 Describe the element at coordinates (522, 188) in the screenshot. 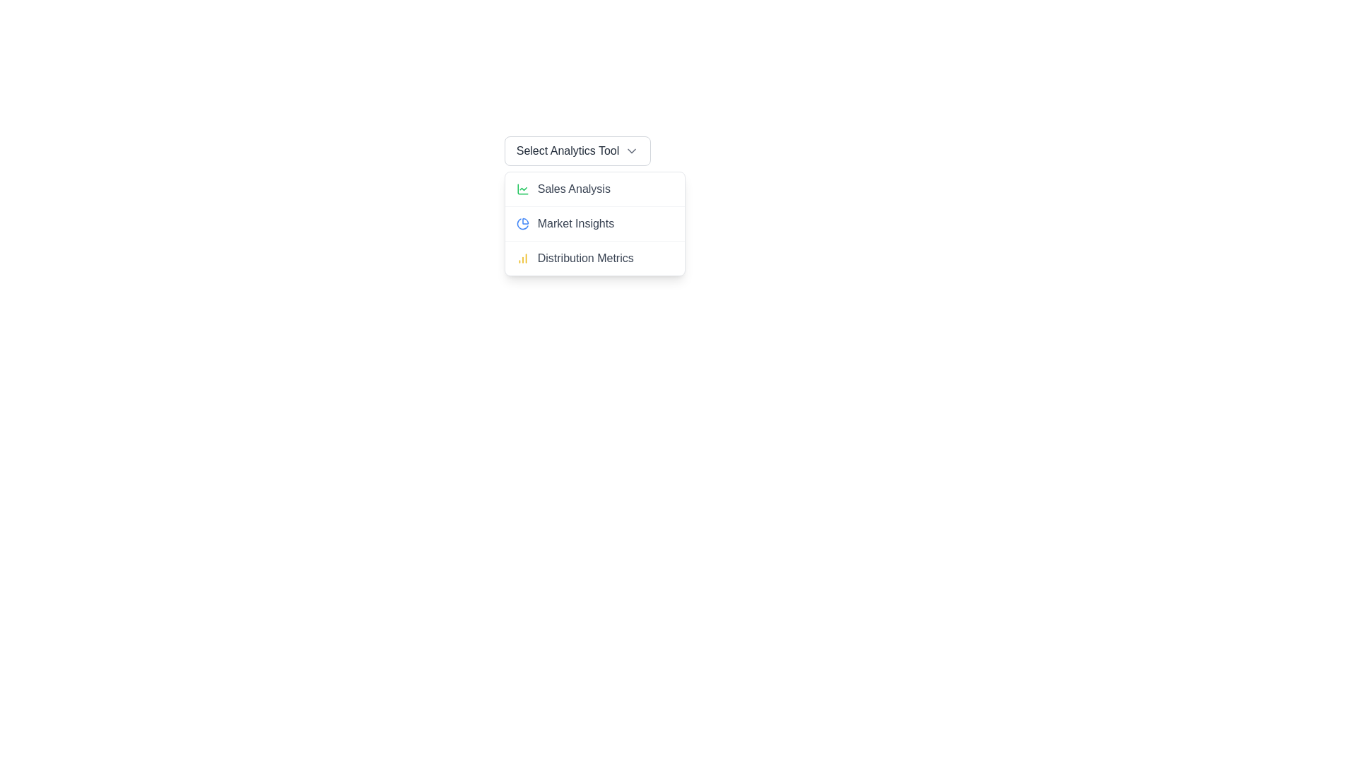

I see `the first icon on the left of the 'Sales Analysis' menu option in the dropdown list, located below the 'Select Analytics Tool' button` at that location.